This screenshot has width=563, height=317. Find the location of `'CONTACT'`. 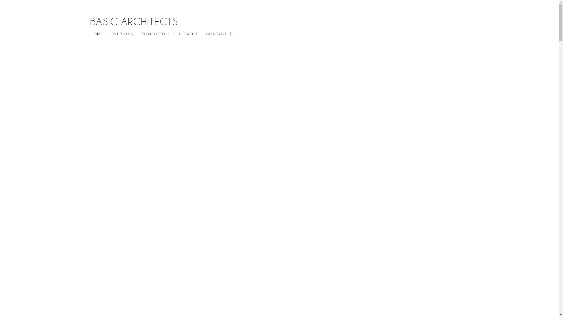

'CONTACT' is located at coordinates (202, 34).